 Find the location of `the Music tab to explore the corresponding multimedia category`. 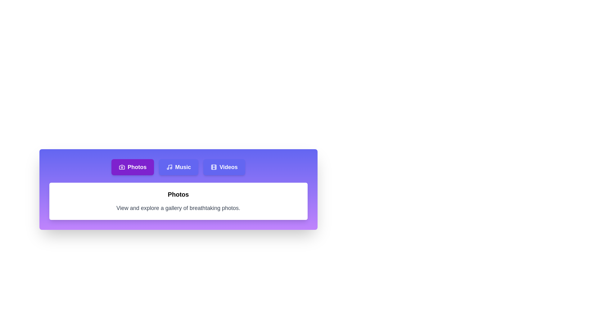

the Music tab to explore the corresponding multimedia category is located at coordinates (178, 167).